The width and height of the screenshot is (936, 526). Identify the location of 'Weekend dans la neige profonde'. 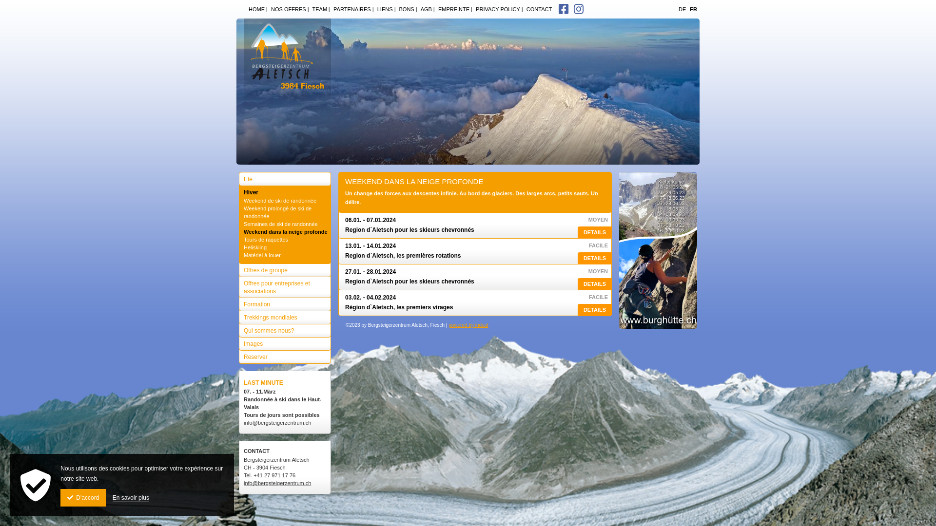
(285, 231).